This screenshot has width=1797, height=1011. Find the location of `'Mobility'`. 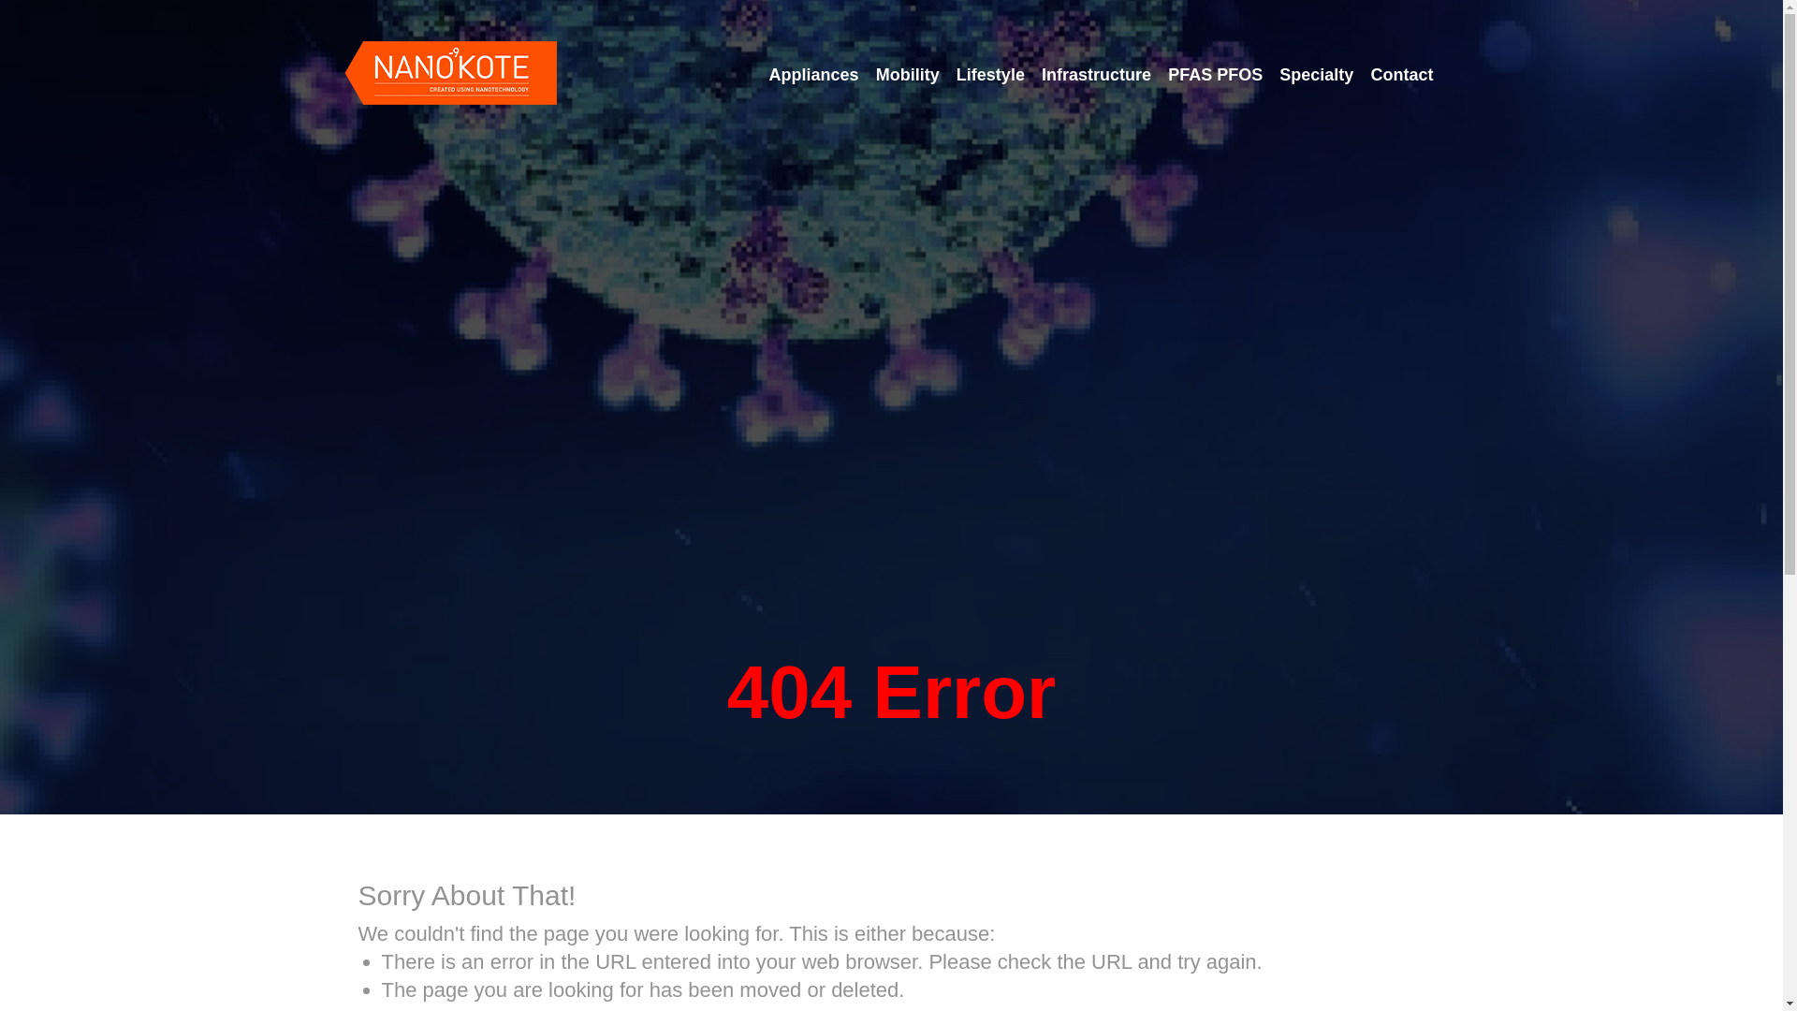

'Mobility' is located at coordinates (907, 74).